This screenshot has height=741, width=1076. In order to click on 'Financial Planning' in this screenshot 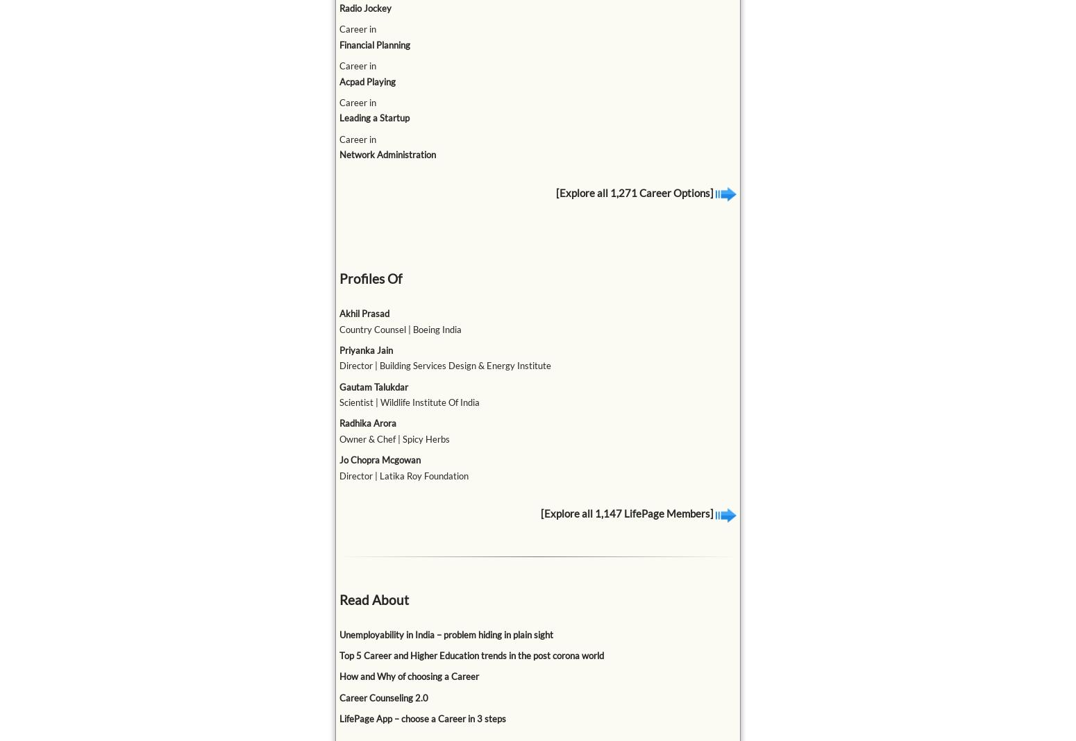, I will do `click(373, 43)`.